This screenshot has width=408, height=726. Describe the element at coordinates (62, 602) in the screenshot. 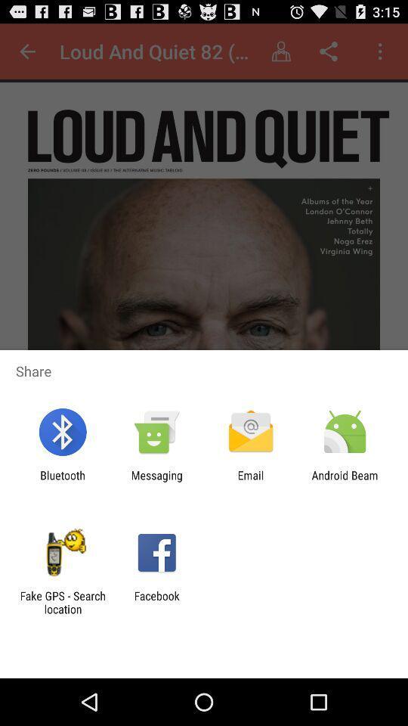

I see `the fake gps search icon` at that location.